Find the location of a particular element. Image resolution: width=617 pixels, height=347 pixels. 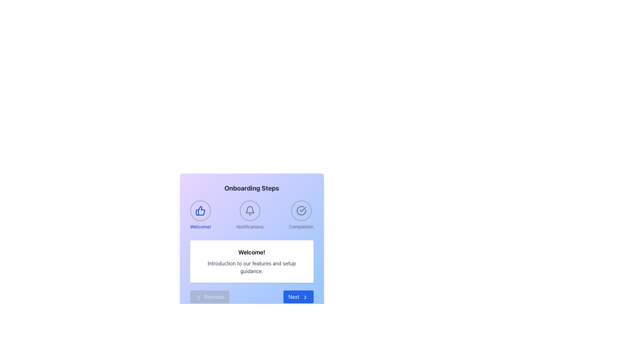

the text label that serves as a greeting or introductory caption, positioned below a thumbs-up icon in a vertically stacked layout is located at coordinates (200, 226).